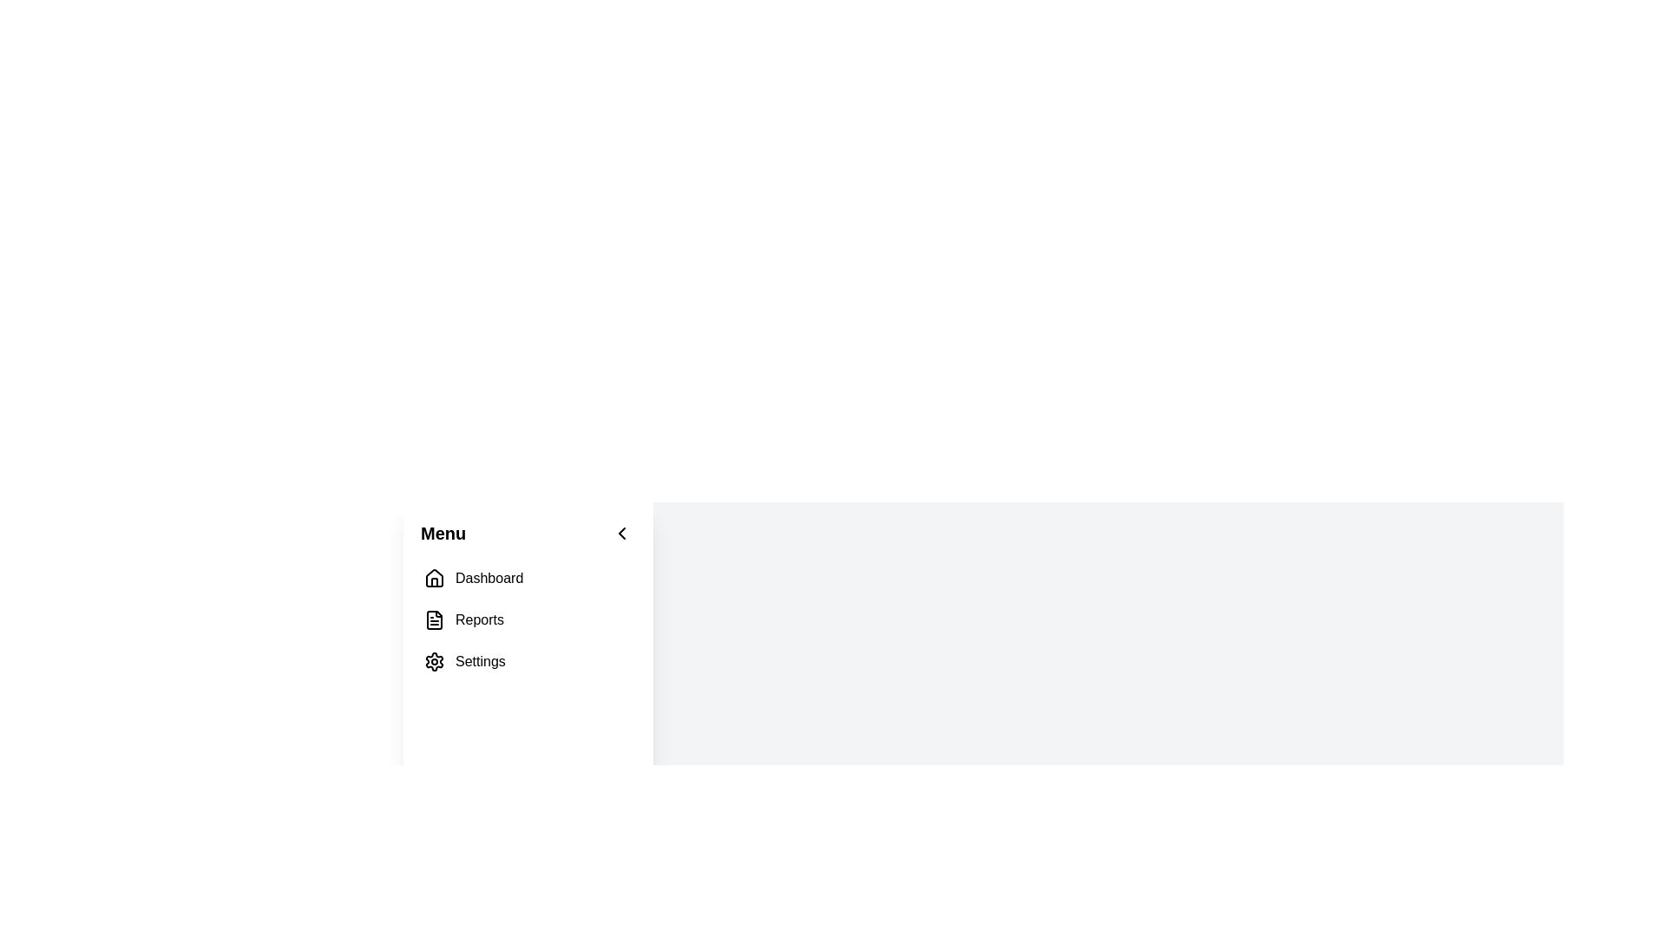 The height and width of the screenshot is (937, 1666). What do you see at coordinates (479, 619) in the screenshot?
I see `the 'Reports' text label in the vertical menu on the left-hand side` at bounding box center [479, 619].